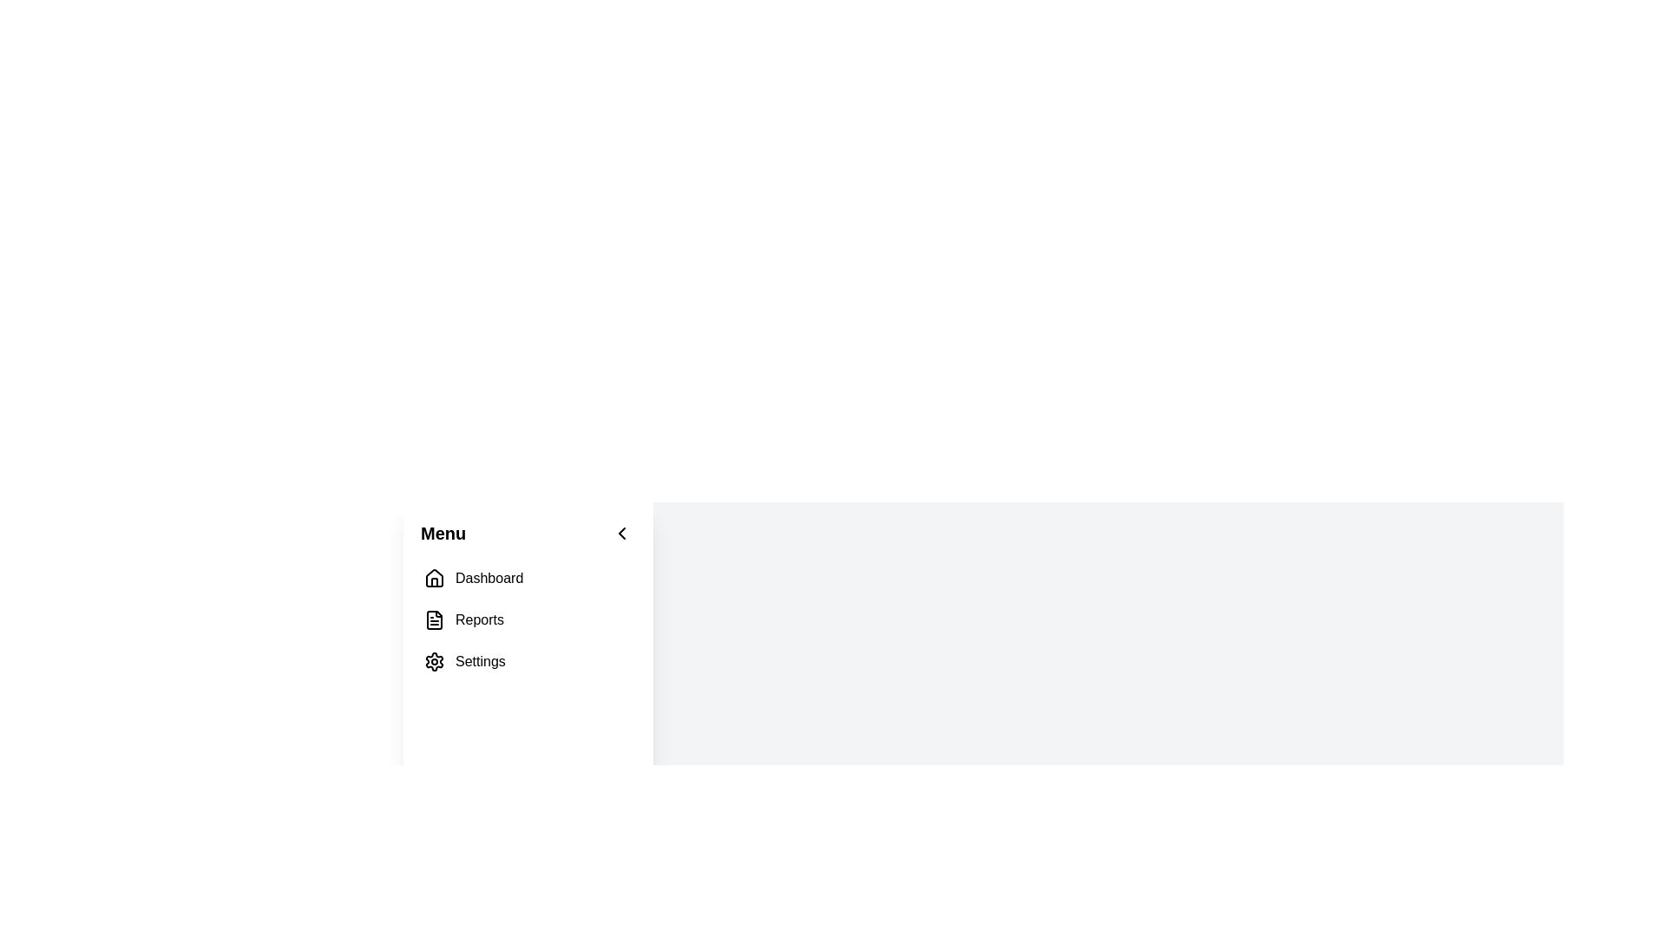 The height and width of the screenshot is (937, 1666). What do you see at coordinates (479, 619) in the screenshot?
I see `the 'Reports' text label in the vertical menu on the left-hand side` at bounding box center [479, 619].